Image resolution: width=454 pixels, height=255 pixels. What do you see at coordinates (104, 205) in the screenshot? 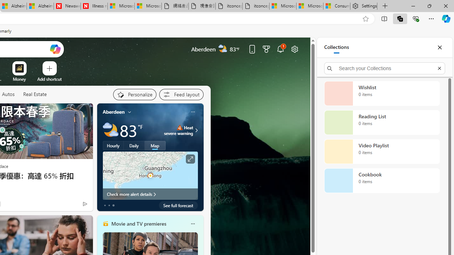
I see `'tab-0'` at bounding box center [104, 205].